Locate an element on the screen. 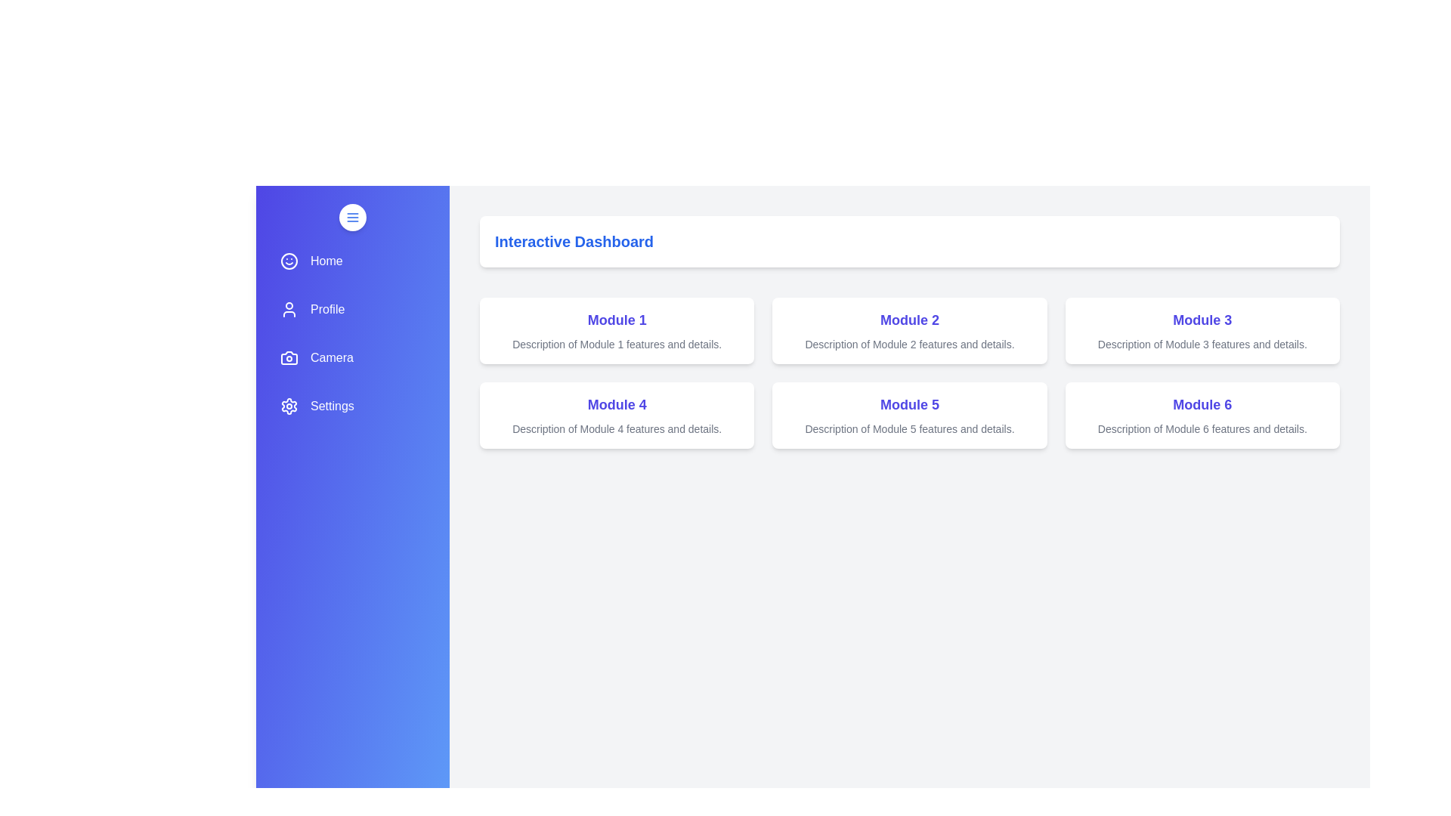 The width and height of the screenshot is (1451, 816). the Informational card for Module 6, which is located in the second row of the grid structure, adjacent to Module 5 is located at coordinates (1202, 416).